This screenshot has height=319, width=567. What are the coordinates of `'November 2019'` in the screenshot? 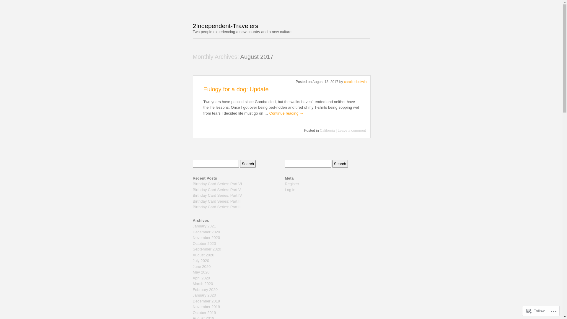 It's located at (206, 306).